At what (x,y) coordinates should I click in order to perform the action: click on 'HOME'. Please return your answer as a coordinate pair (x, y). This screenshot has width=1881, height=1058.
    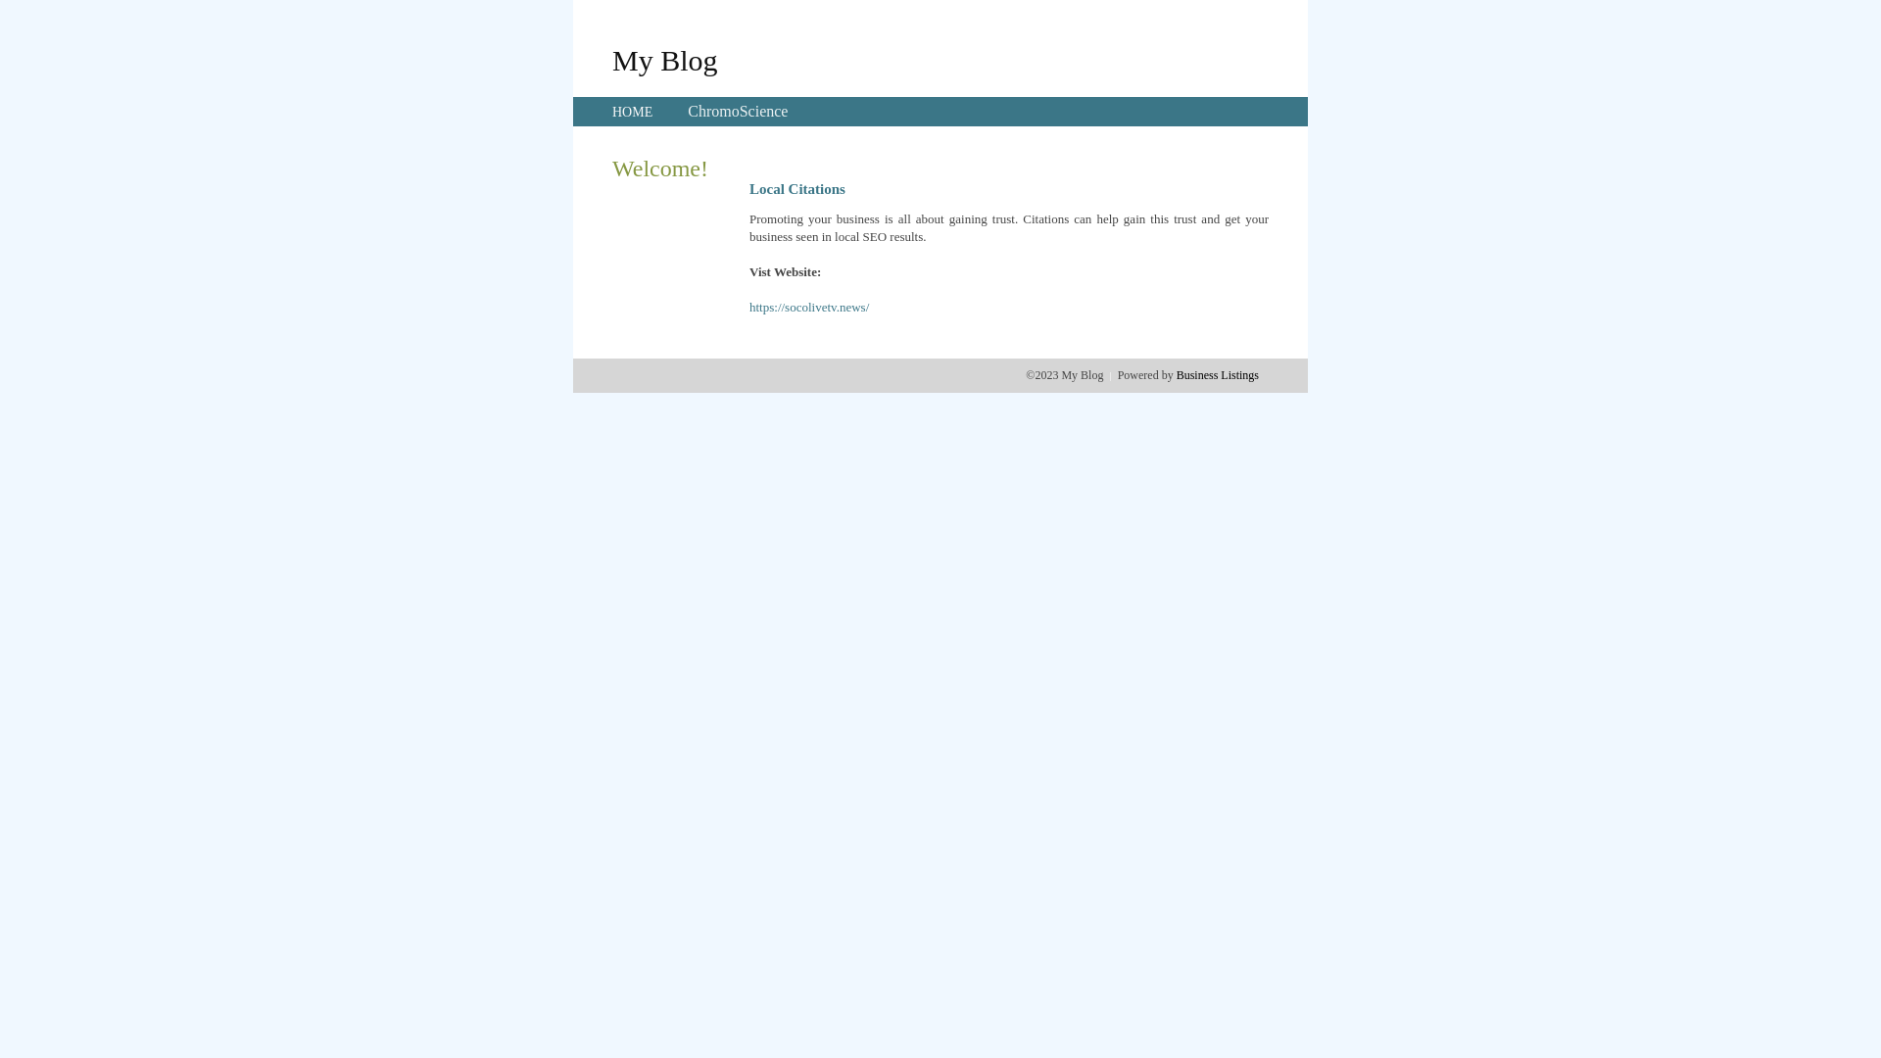
    Looking at the image, I should click on (632, 112).